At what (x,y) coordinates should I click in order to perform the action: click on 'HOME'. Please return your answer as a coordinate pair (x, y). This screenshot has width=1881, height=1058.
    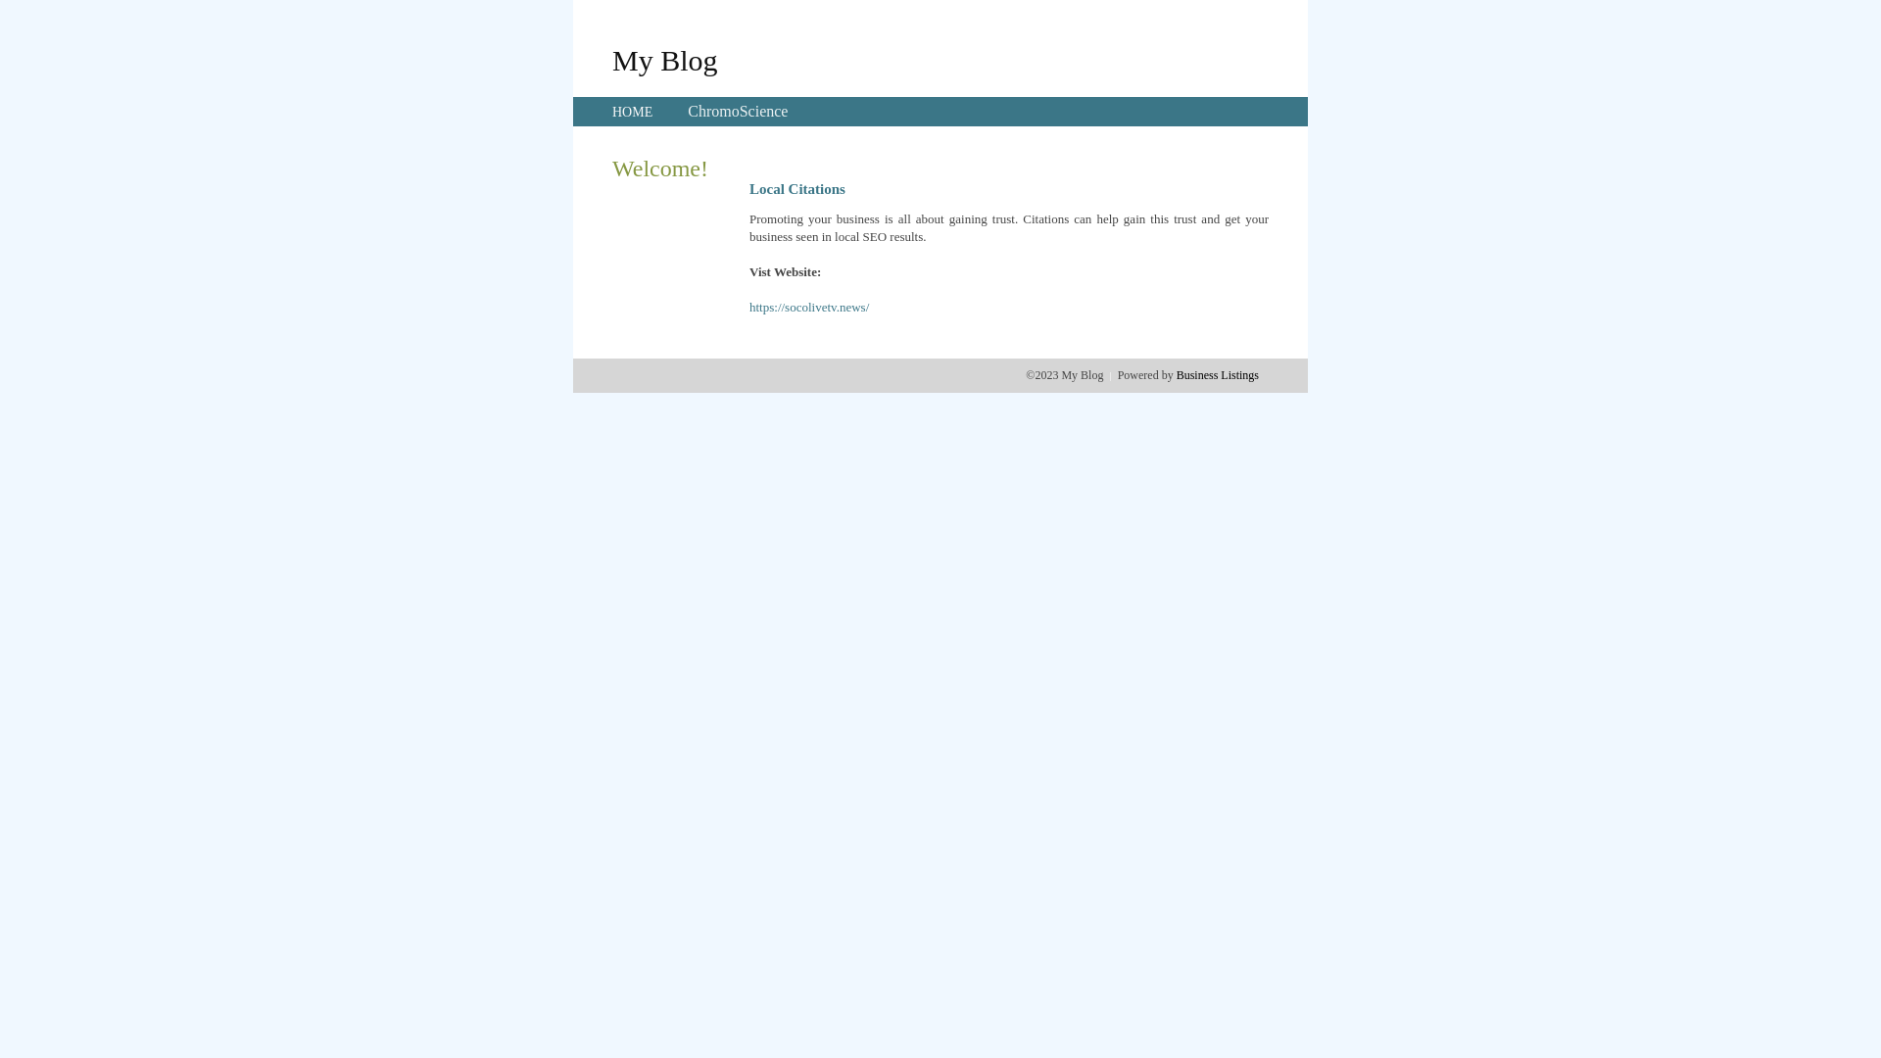
    Looking at the image, I should click on (632, 112).